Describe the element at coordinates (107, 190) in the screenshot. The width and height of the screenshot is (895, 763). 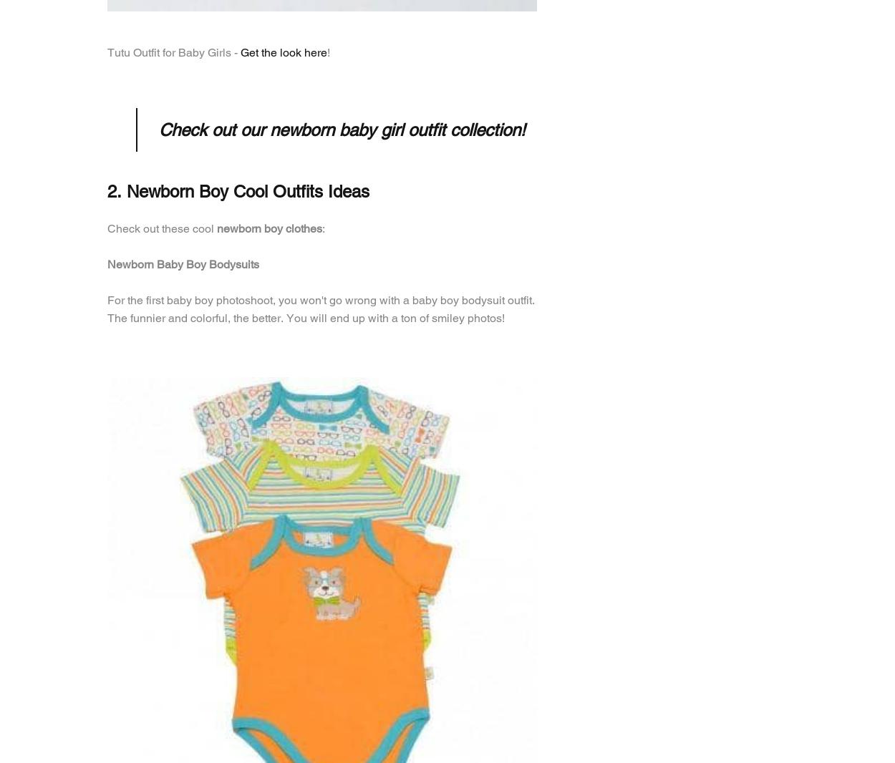
I see `'2. Newborn Boy Cool Outfits Ideas'` at that location.